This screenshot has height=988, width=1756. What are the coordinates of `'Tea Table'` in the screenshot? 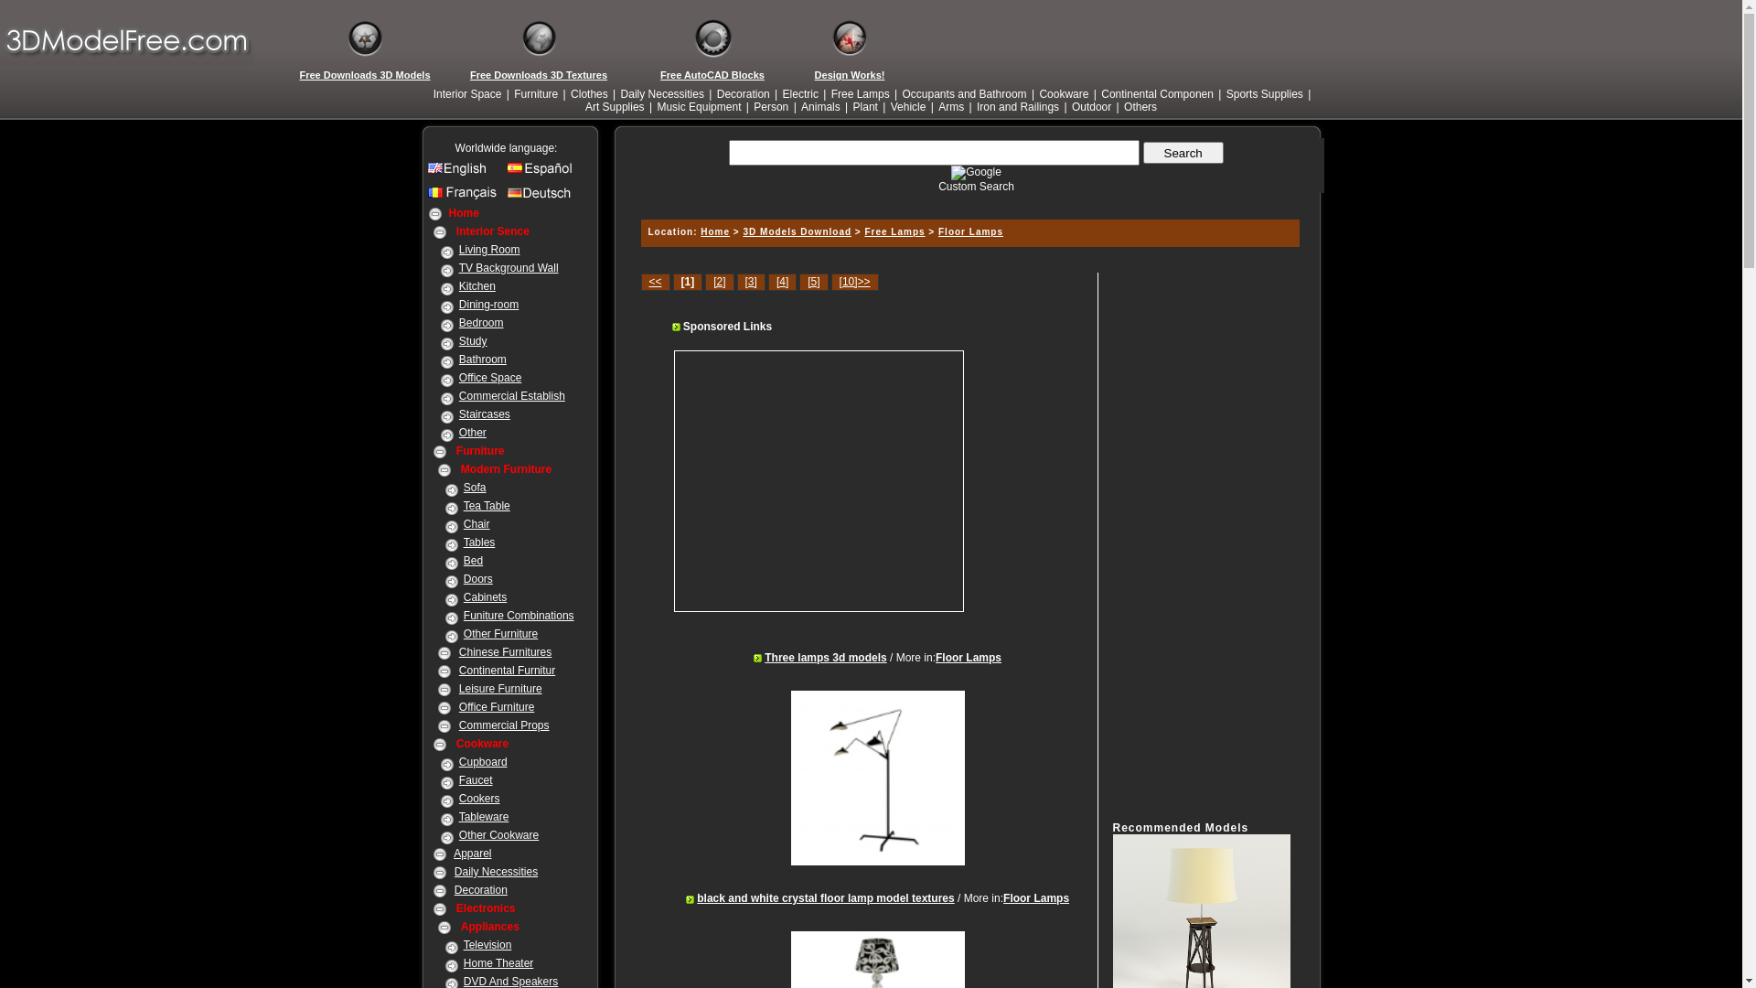 It's located at (487, 505).